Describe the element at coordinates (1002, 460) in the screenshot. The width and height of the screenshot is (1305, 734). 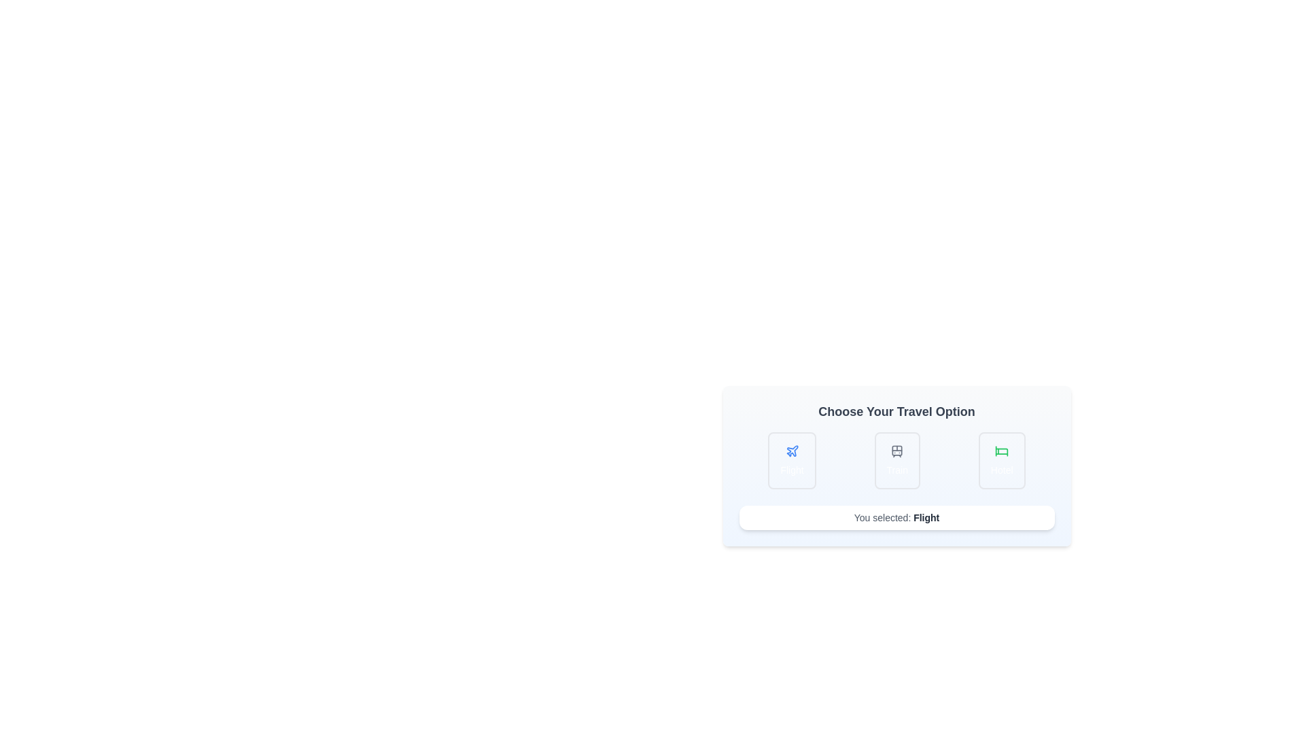
I see `the 'Hotel' button, which is a rectangular button with a rounded border featuring centered text and a green bed icon` at that location.